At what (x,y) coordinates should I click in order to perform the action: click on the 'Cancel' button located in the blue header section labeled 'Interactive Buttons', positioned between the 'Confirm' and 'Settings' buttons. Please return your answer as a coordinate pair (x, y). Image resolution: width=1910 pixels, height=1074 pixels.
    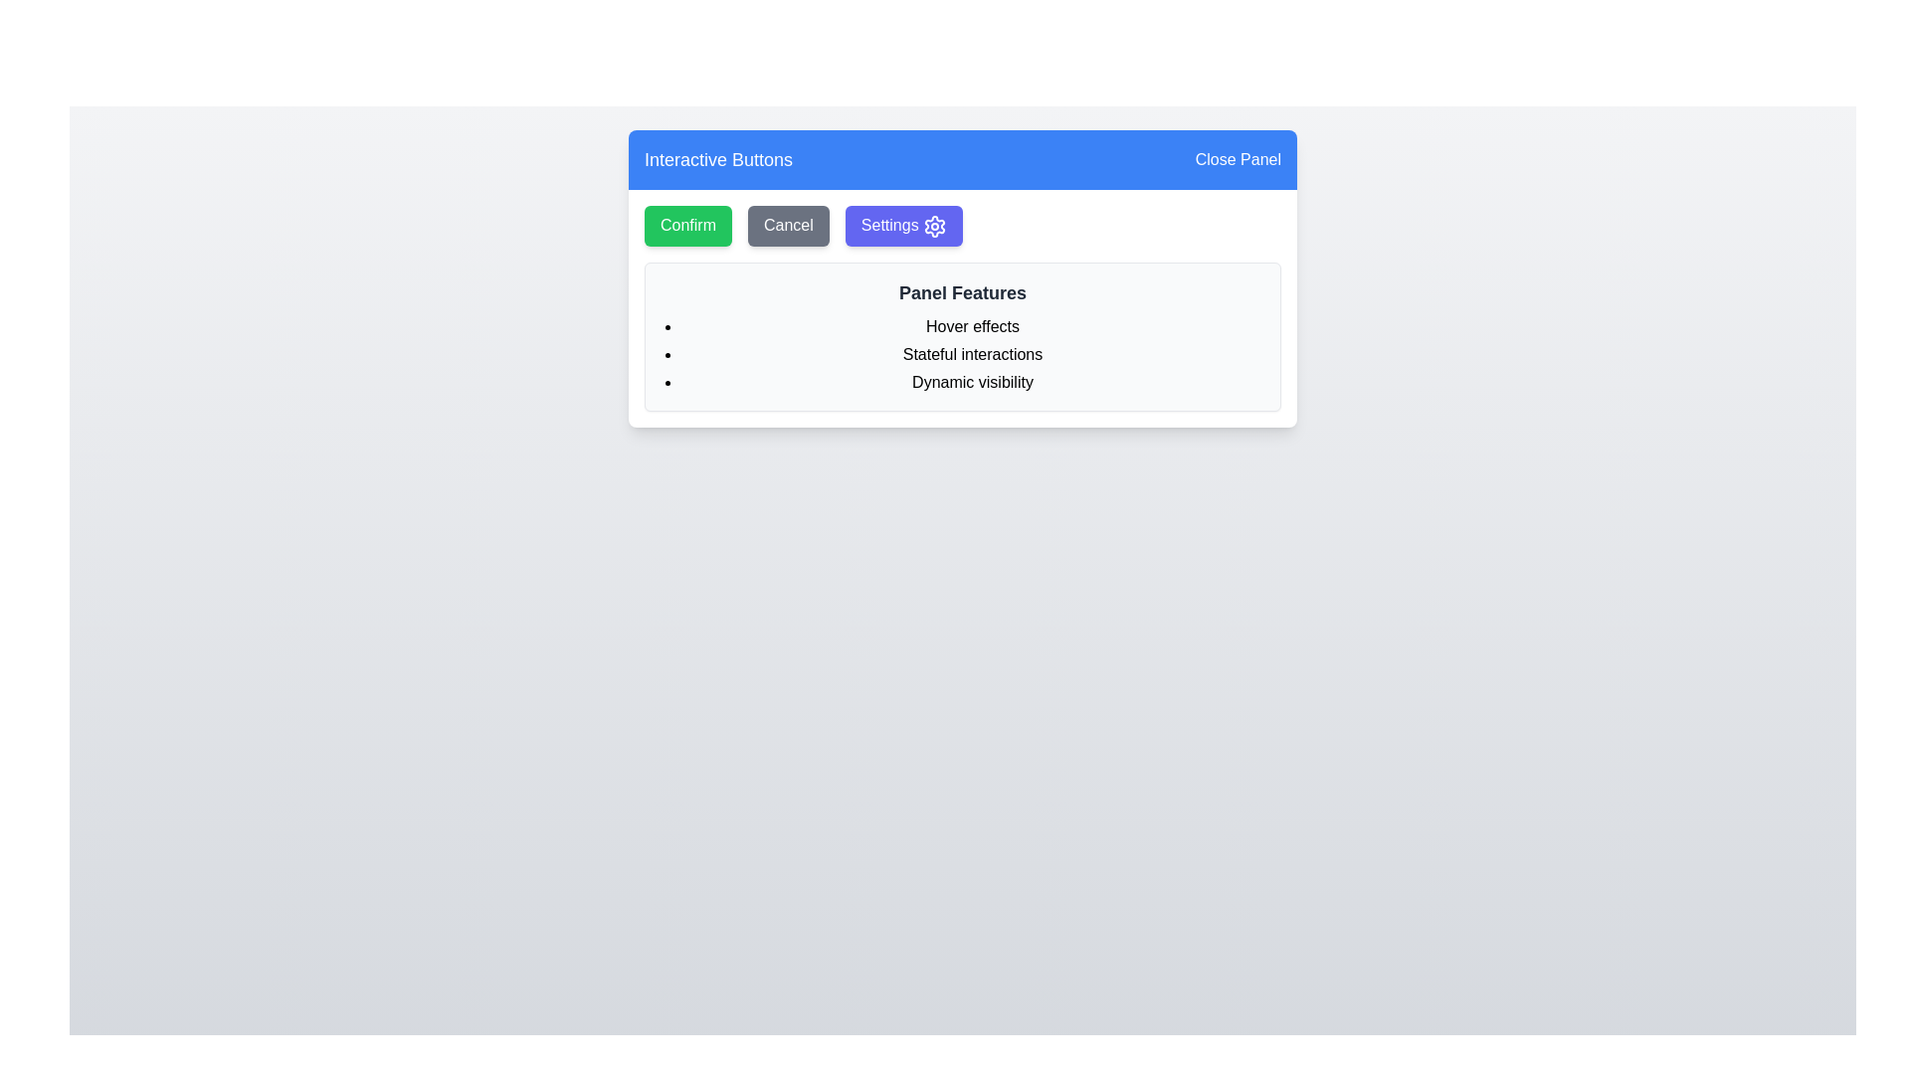
    Looking at the image, I should click on (787, 225).